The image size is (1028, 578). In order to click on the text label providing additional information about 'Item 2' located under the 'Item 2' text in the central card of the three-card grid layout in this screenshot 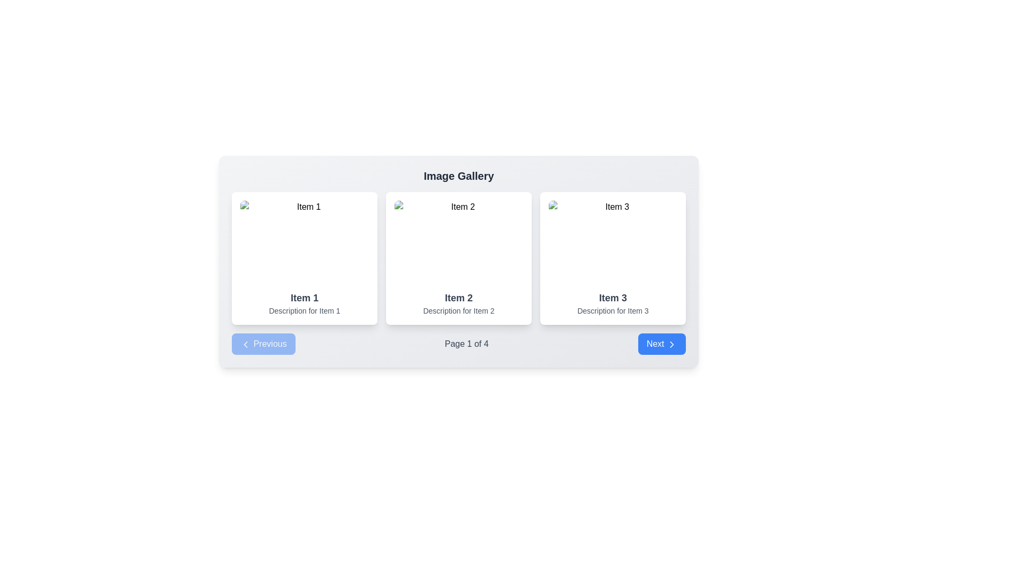, I will do `click(459, 311)`.